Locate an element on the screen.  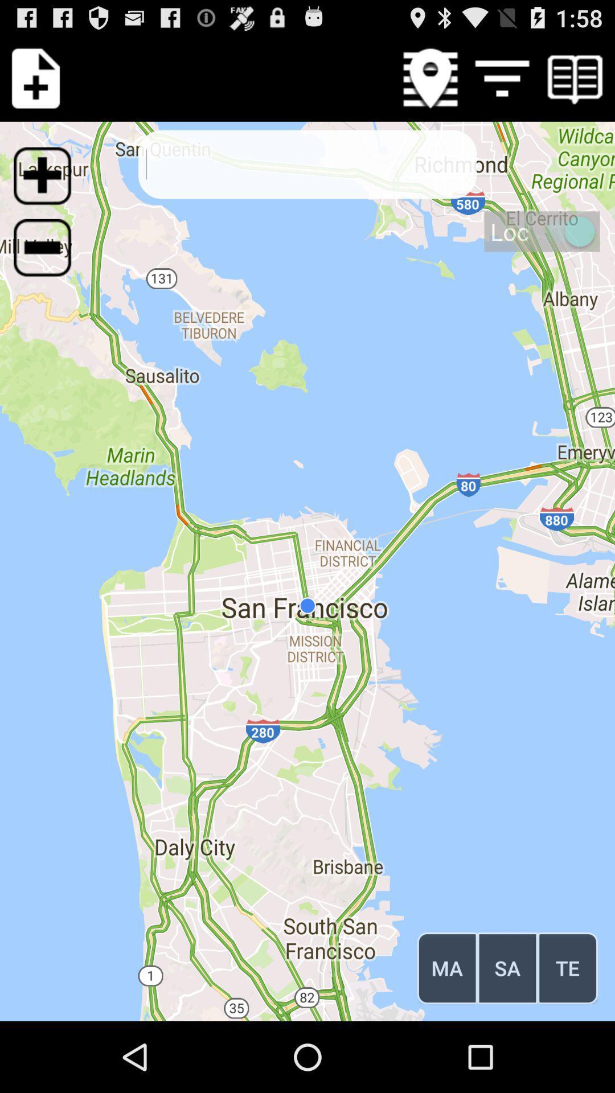
icon to the right of the sa is located at coordinates (568, 967).